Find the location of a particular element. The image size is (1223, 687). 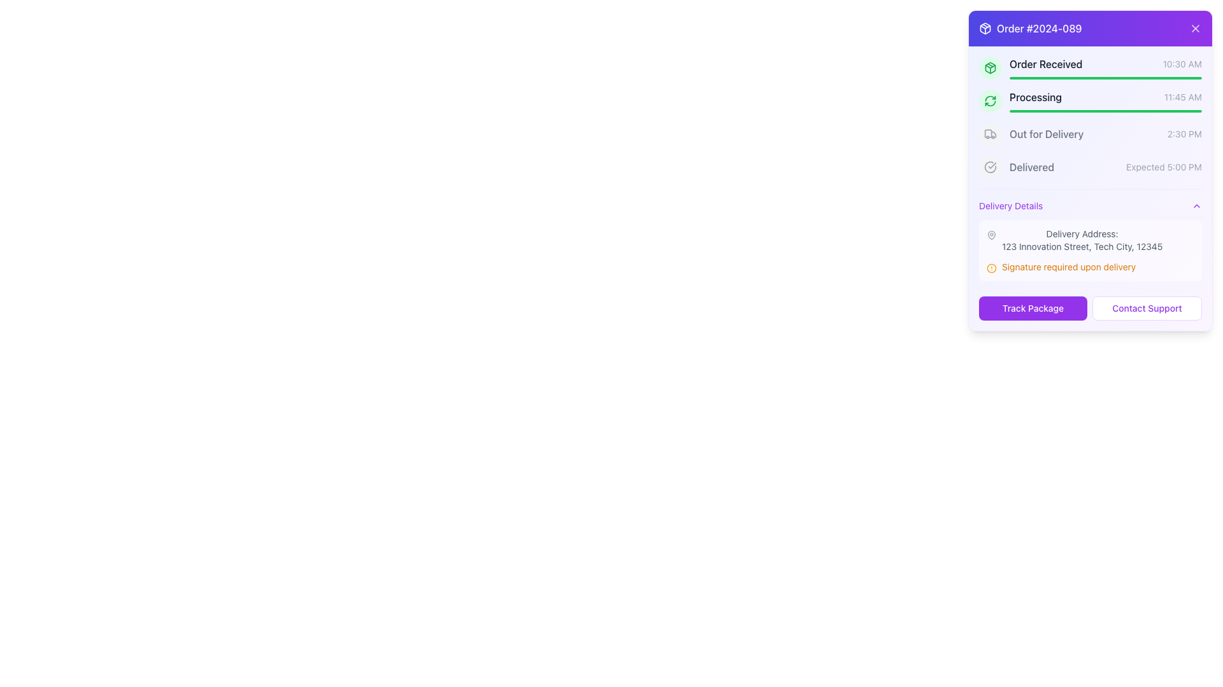

the Status icon that indicates the current status of the order as being processed, located to the left of the 'Processing' text and above the time '11:45 AM' is located at coordinates (990, 100).